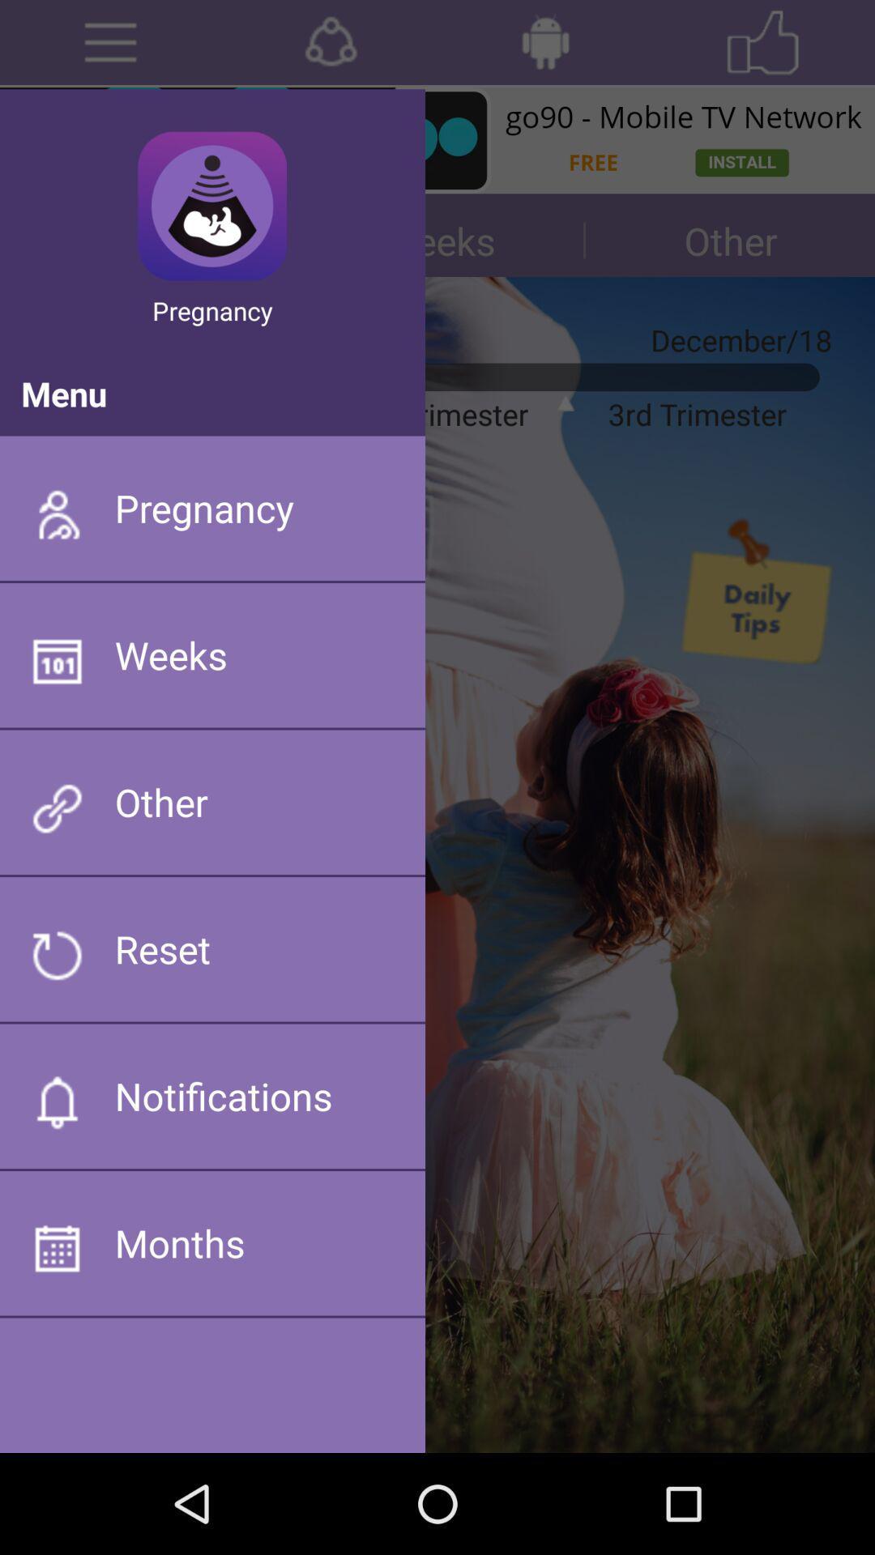 This screenshot has width=875, height=1555. I want to click on the star icon, so click(762, 45).